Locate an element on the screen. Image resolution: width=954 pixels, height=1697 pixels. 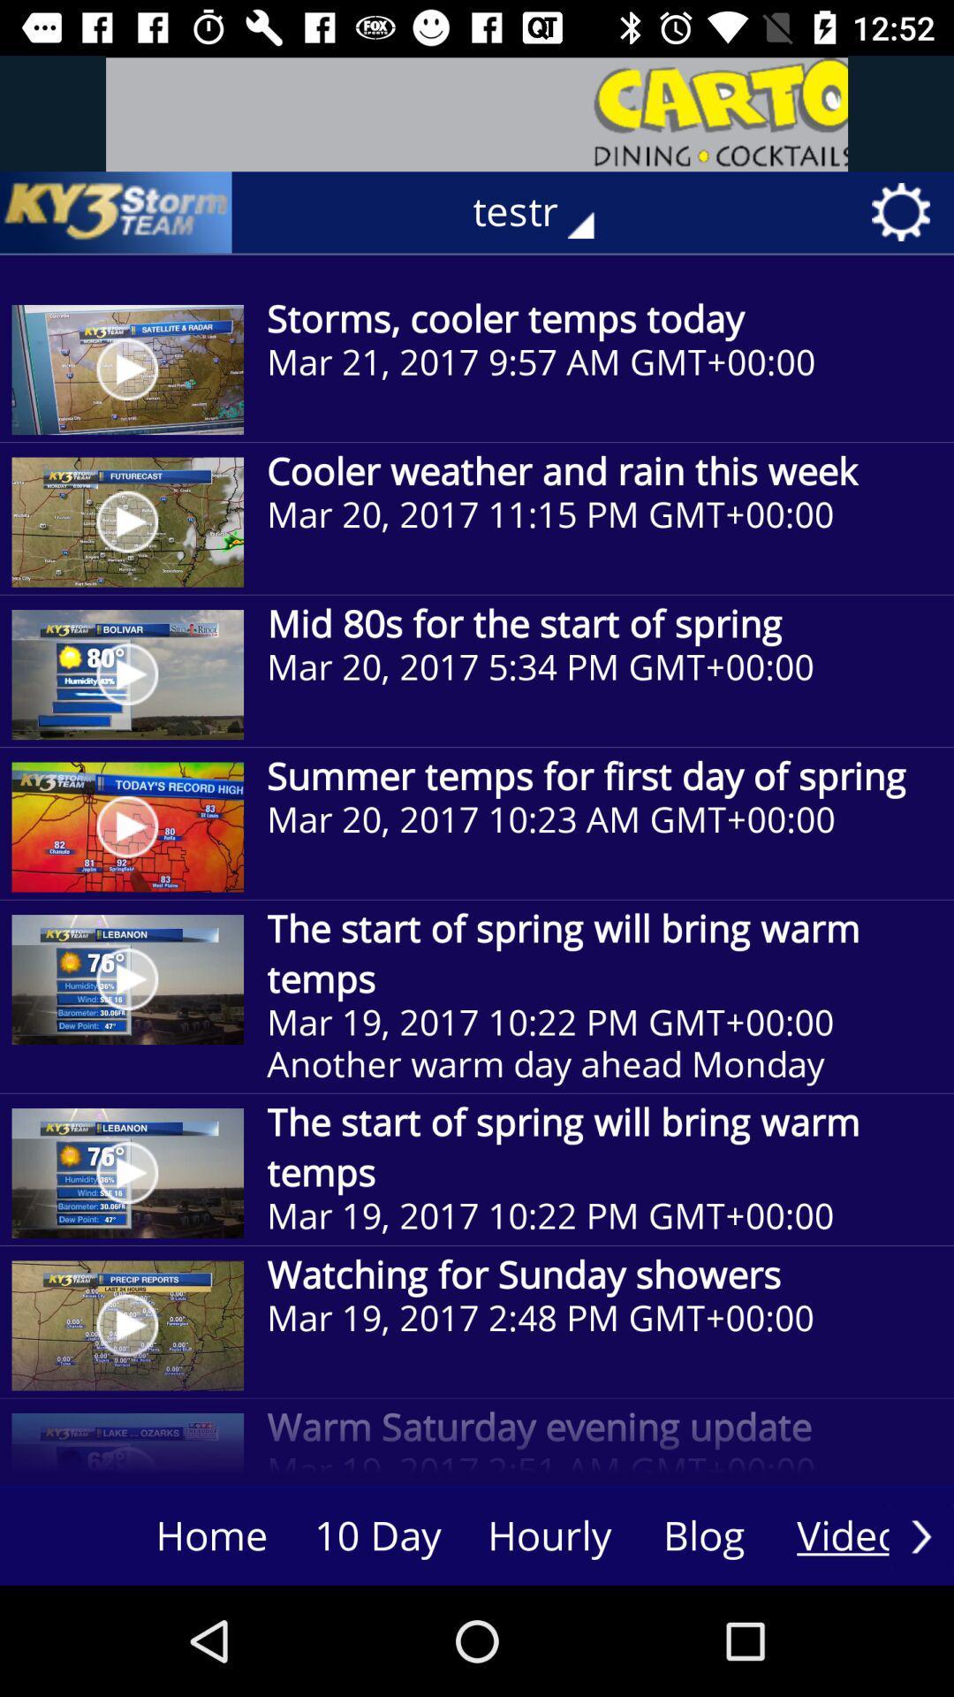
the item next to the testr item is located at coordinates (116, 212).